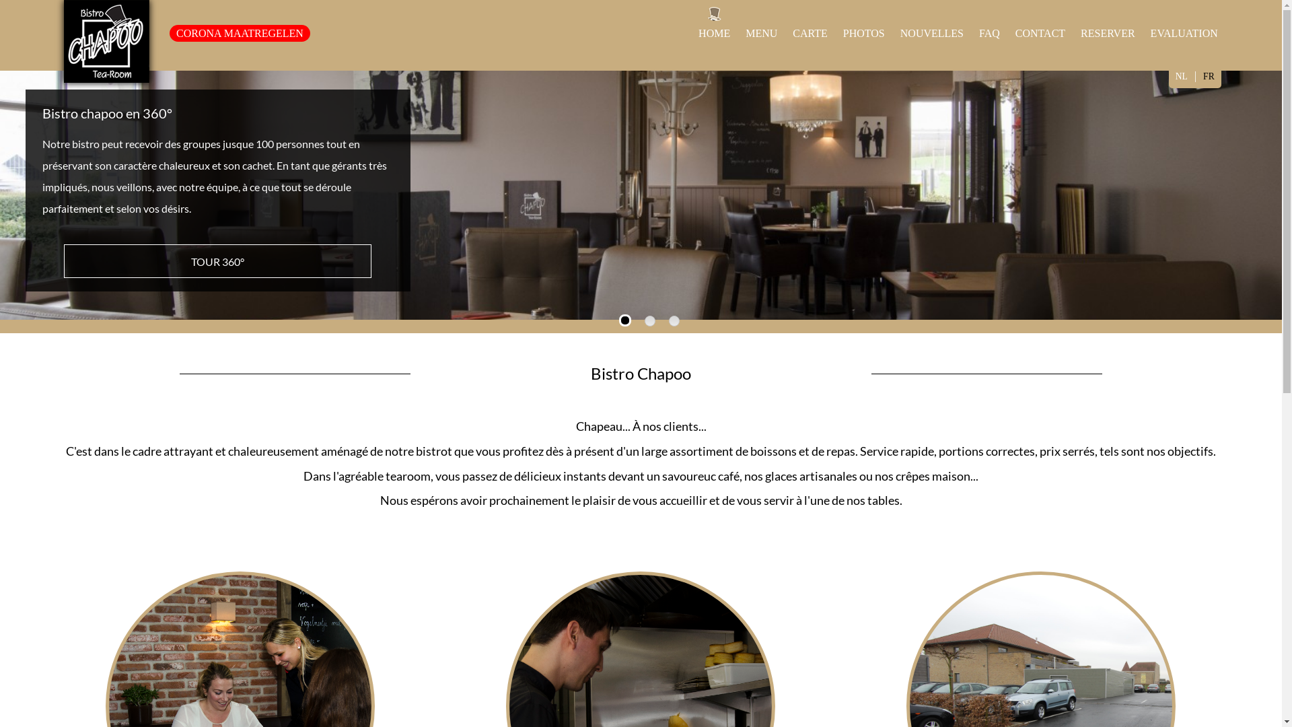  I want to click on 'NL', so click(1168, 76).